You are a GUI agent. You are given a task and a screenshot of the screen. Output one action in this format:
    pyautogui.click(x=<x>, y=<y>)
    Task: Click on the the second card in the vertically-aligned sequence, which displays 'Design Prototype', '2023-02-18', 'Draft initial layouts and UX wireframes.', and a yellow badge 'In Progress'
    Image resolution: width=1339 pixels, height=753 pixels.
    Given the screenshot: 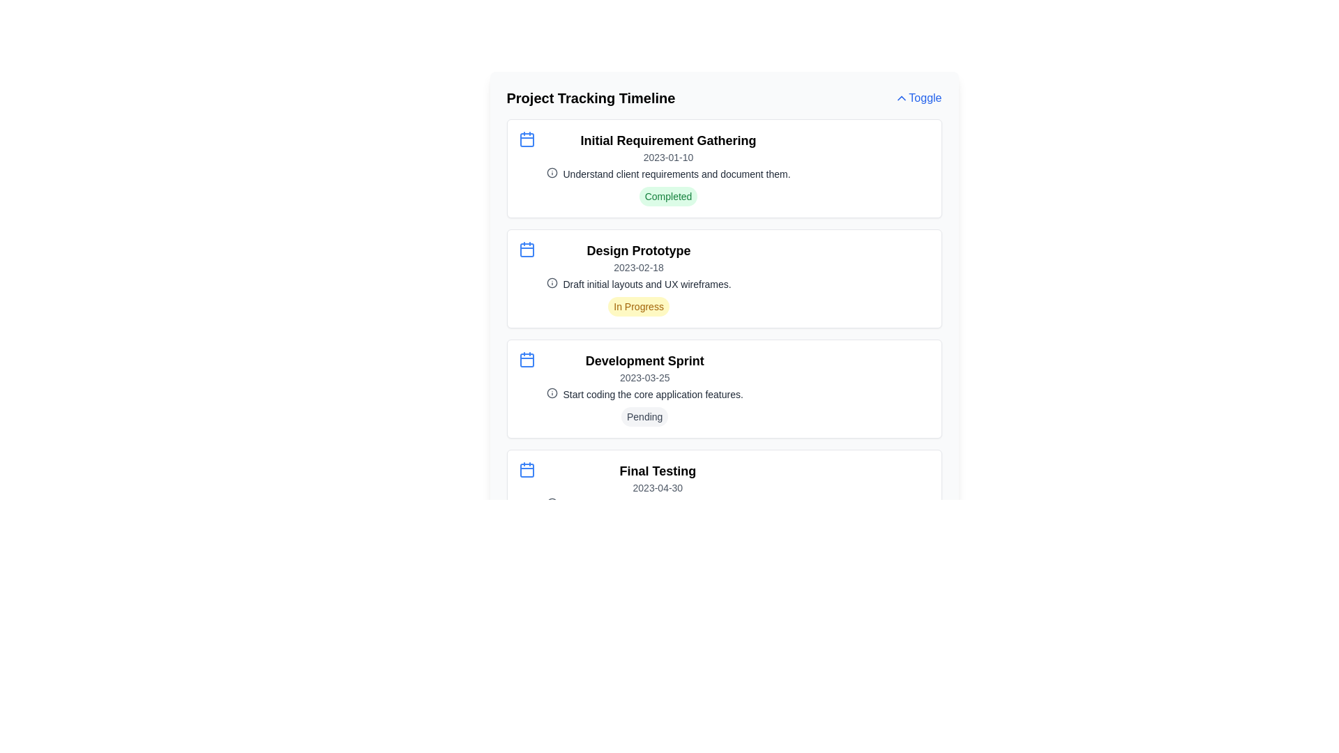 What is the action you would take?
    pyautogui.click(x=724, y=279)
    